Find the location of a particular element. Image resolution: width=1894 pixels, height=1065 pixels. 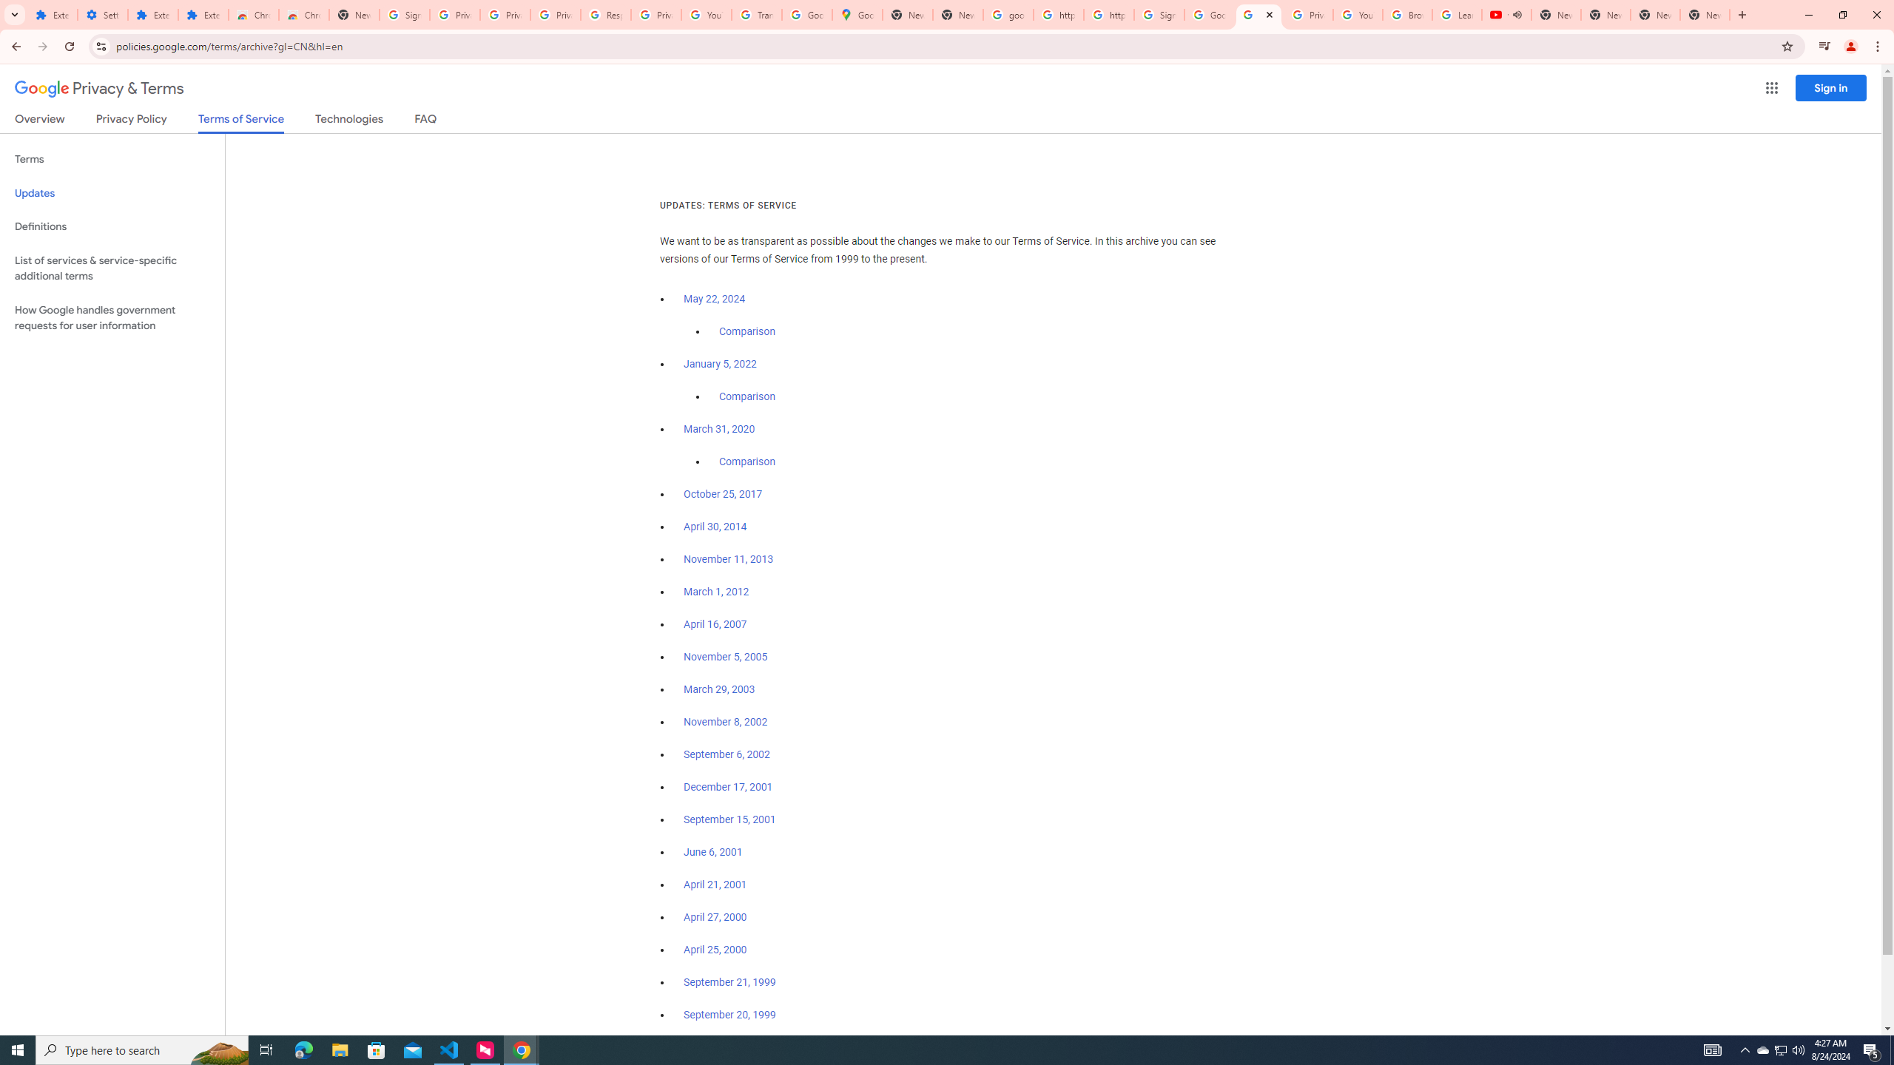

'November 8, 2002' is located at coordinates (724, 722).